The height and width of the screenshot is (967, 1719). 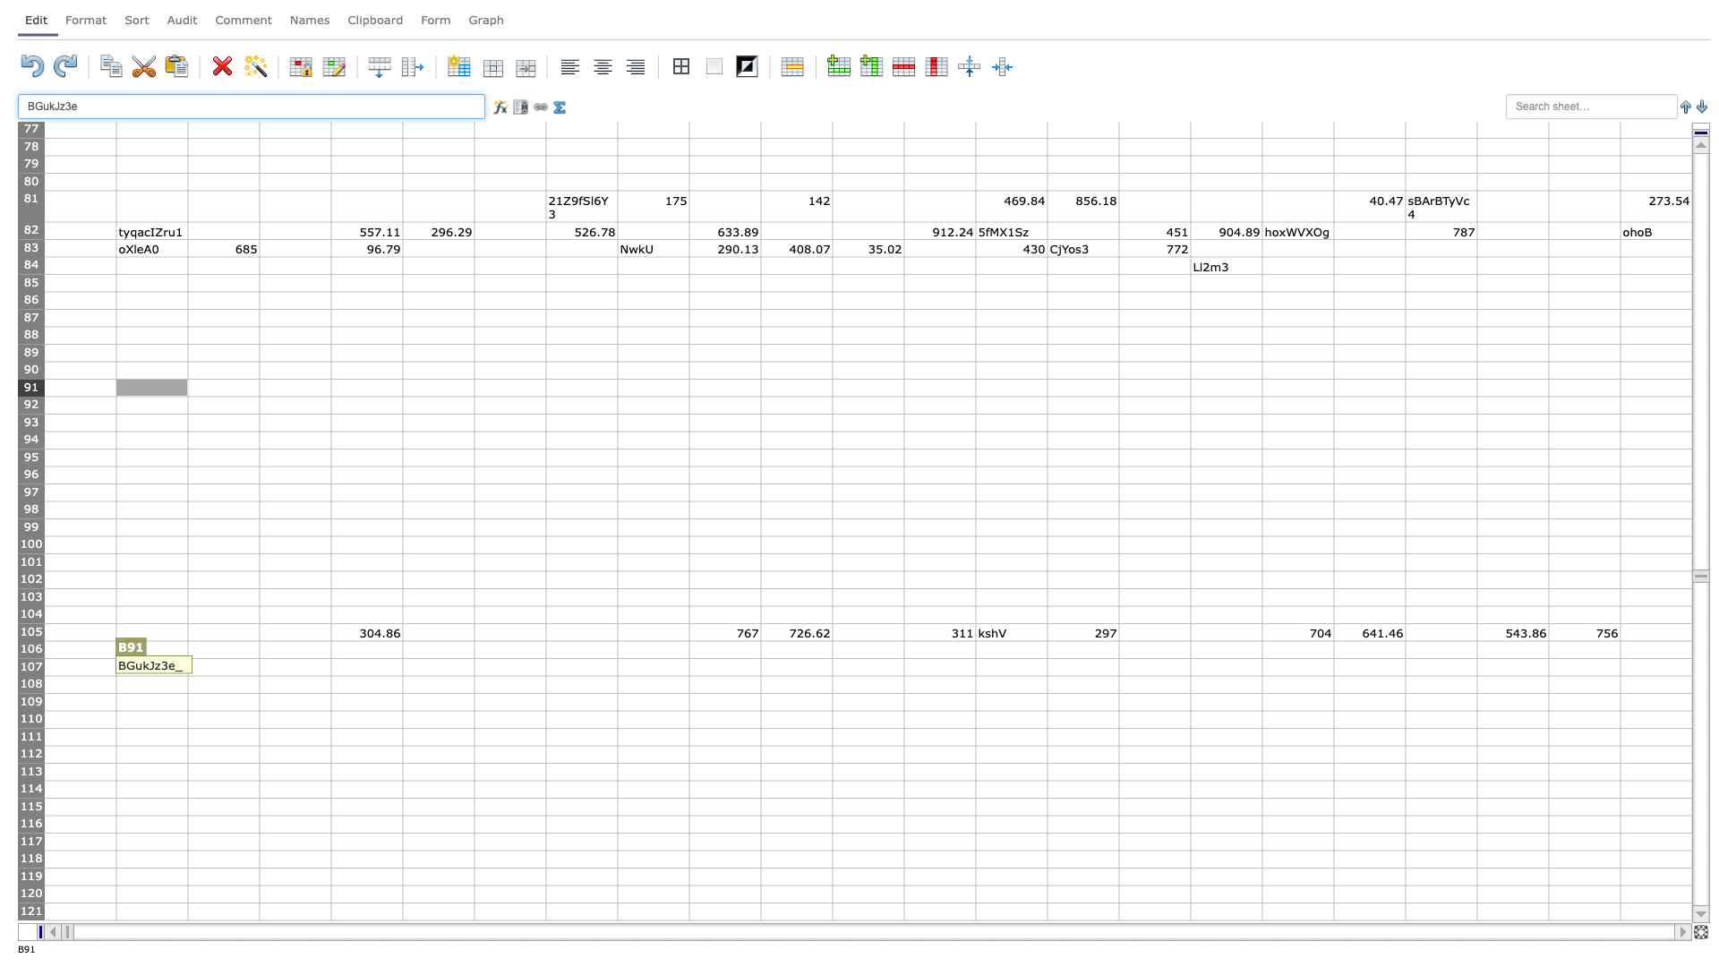 I want to click on Right edge of F-107, so click(x=474, y=667).